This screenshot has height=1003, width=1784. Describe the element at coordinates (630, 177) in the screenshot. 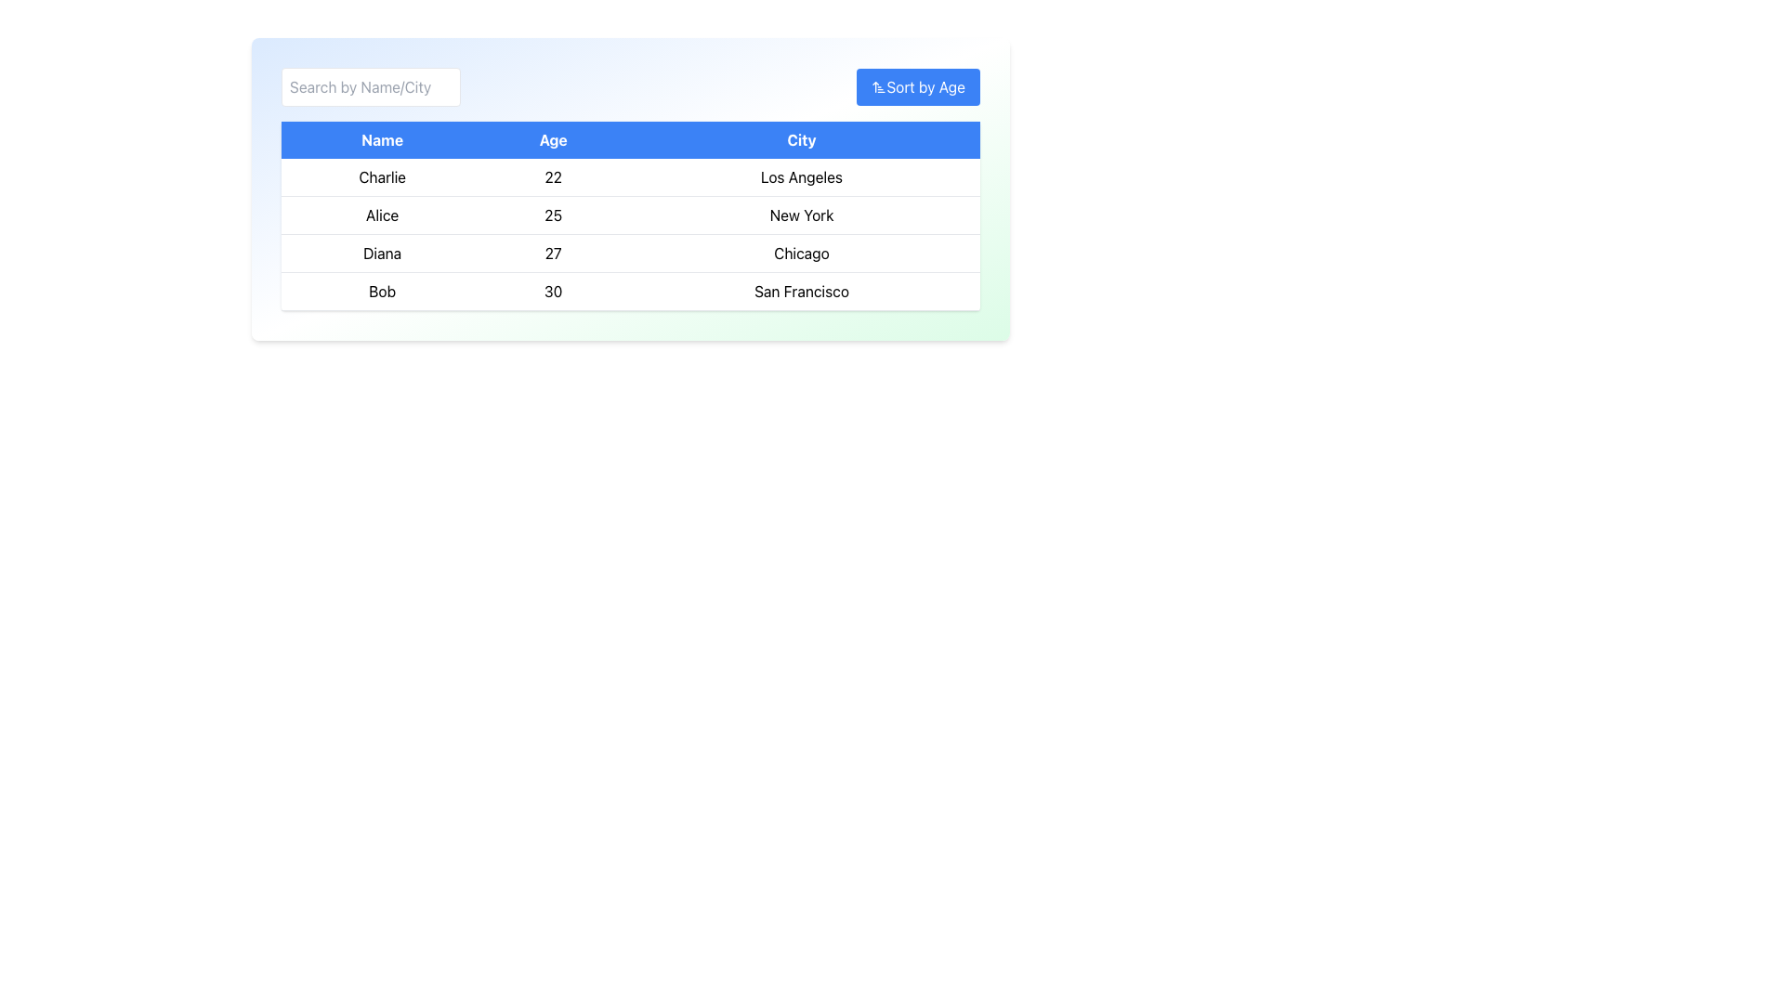

I see `the first row of the data table` at that location.